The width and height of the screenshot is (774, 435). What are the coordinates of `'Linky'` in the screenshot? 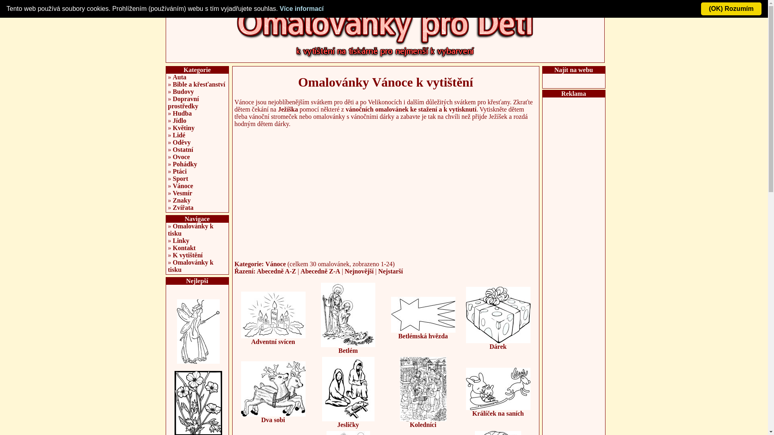 It's located at (172, 240).